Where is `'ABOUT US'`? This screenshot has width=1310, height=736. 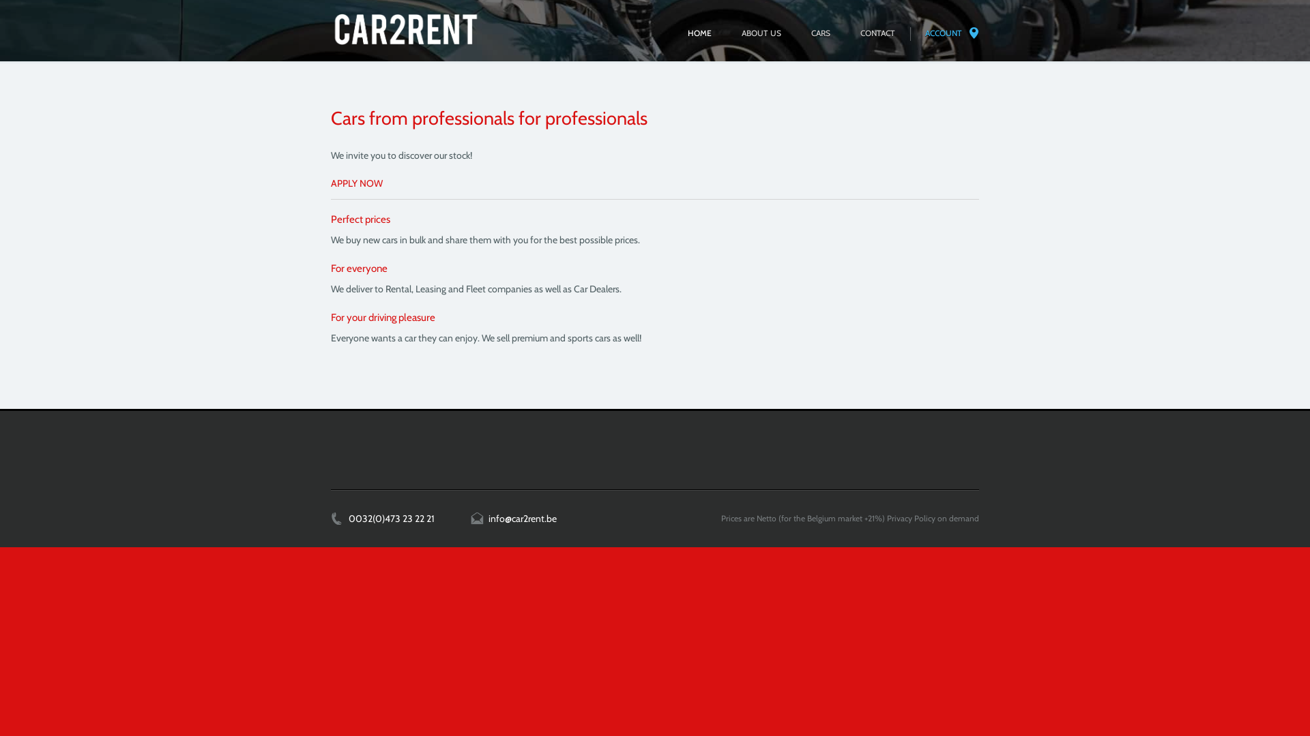 'ABOUT US' is located at coordinates (761, 33).